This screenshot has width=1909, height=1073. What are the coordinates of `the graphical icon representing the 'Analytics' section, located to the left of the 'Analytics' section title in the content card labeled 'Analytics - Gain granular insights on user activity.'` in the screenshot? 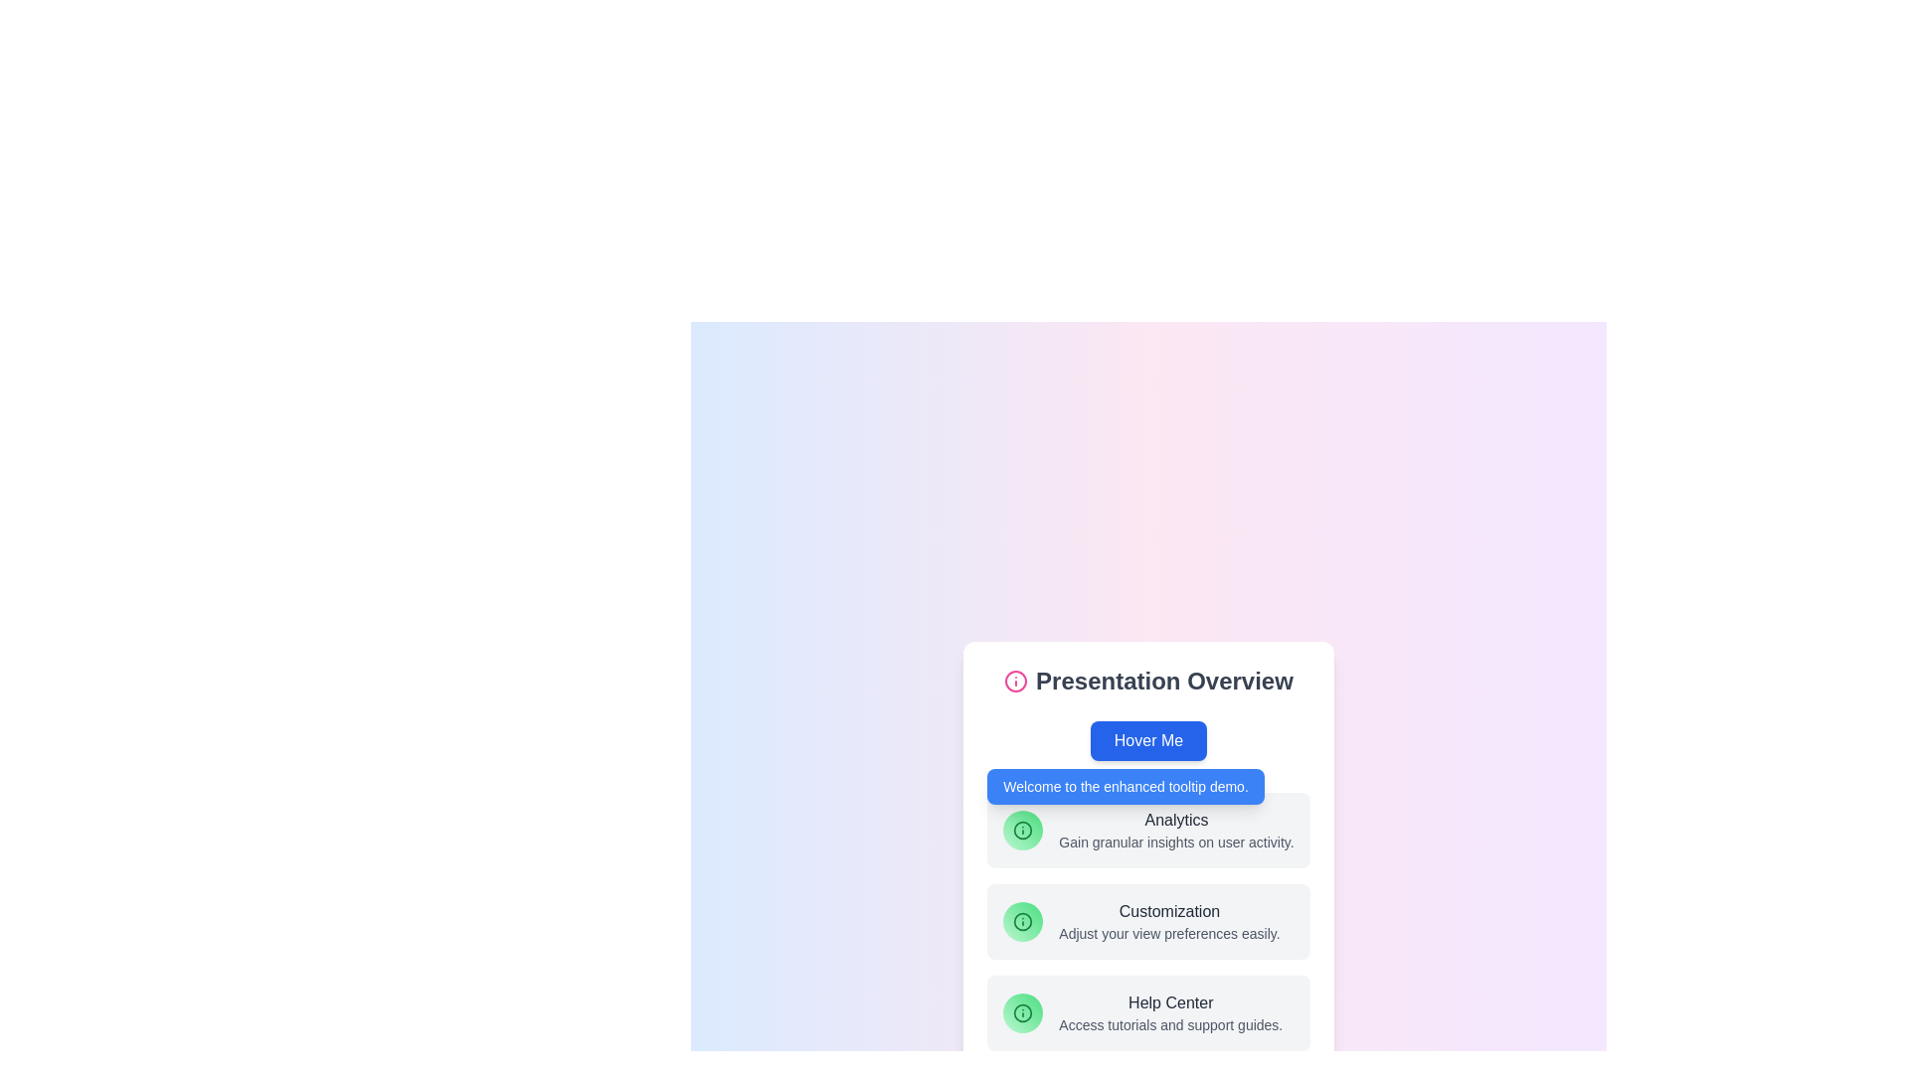 It's located at (1023, 831).